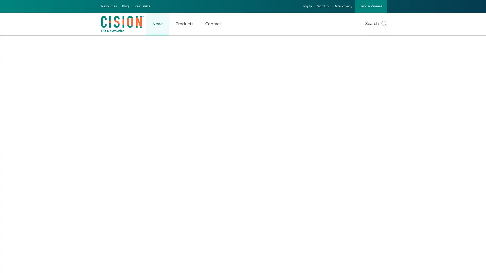  I want to click on Manage Preferences, so click(222, 64).